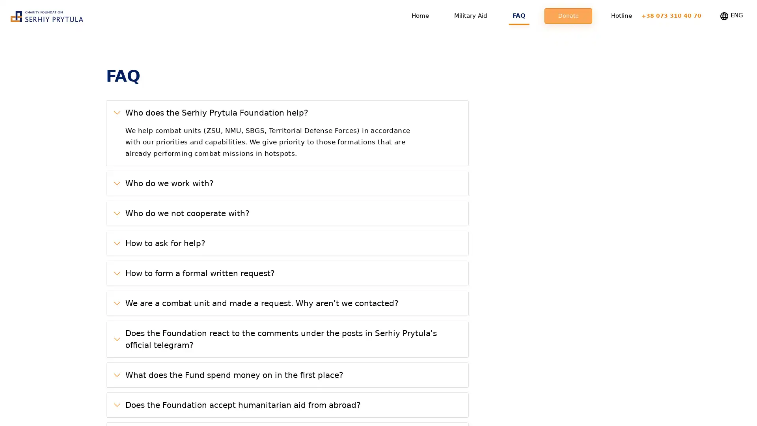 The image size is (757, 426). Describe the element at coordinates (287, 303) in the screenshot. I see `We are a combat unit and made a request. Why aren't we contacted?` at that location.